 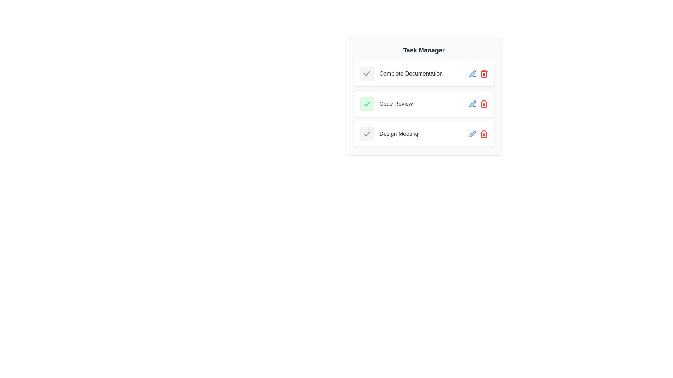 What do you see at coordinates (366, 134) in the screenshot?
I see `the checkmark icon styled with a light gray rectangular background and rounded corners in the 'Design Meeting' row` at bounding box center [366, 134].